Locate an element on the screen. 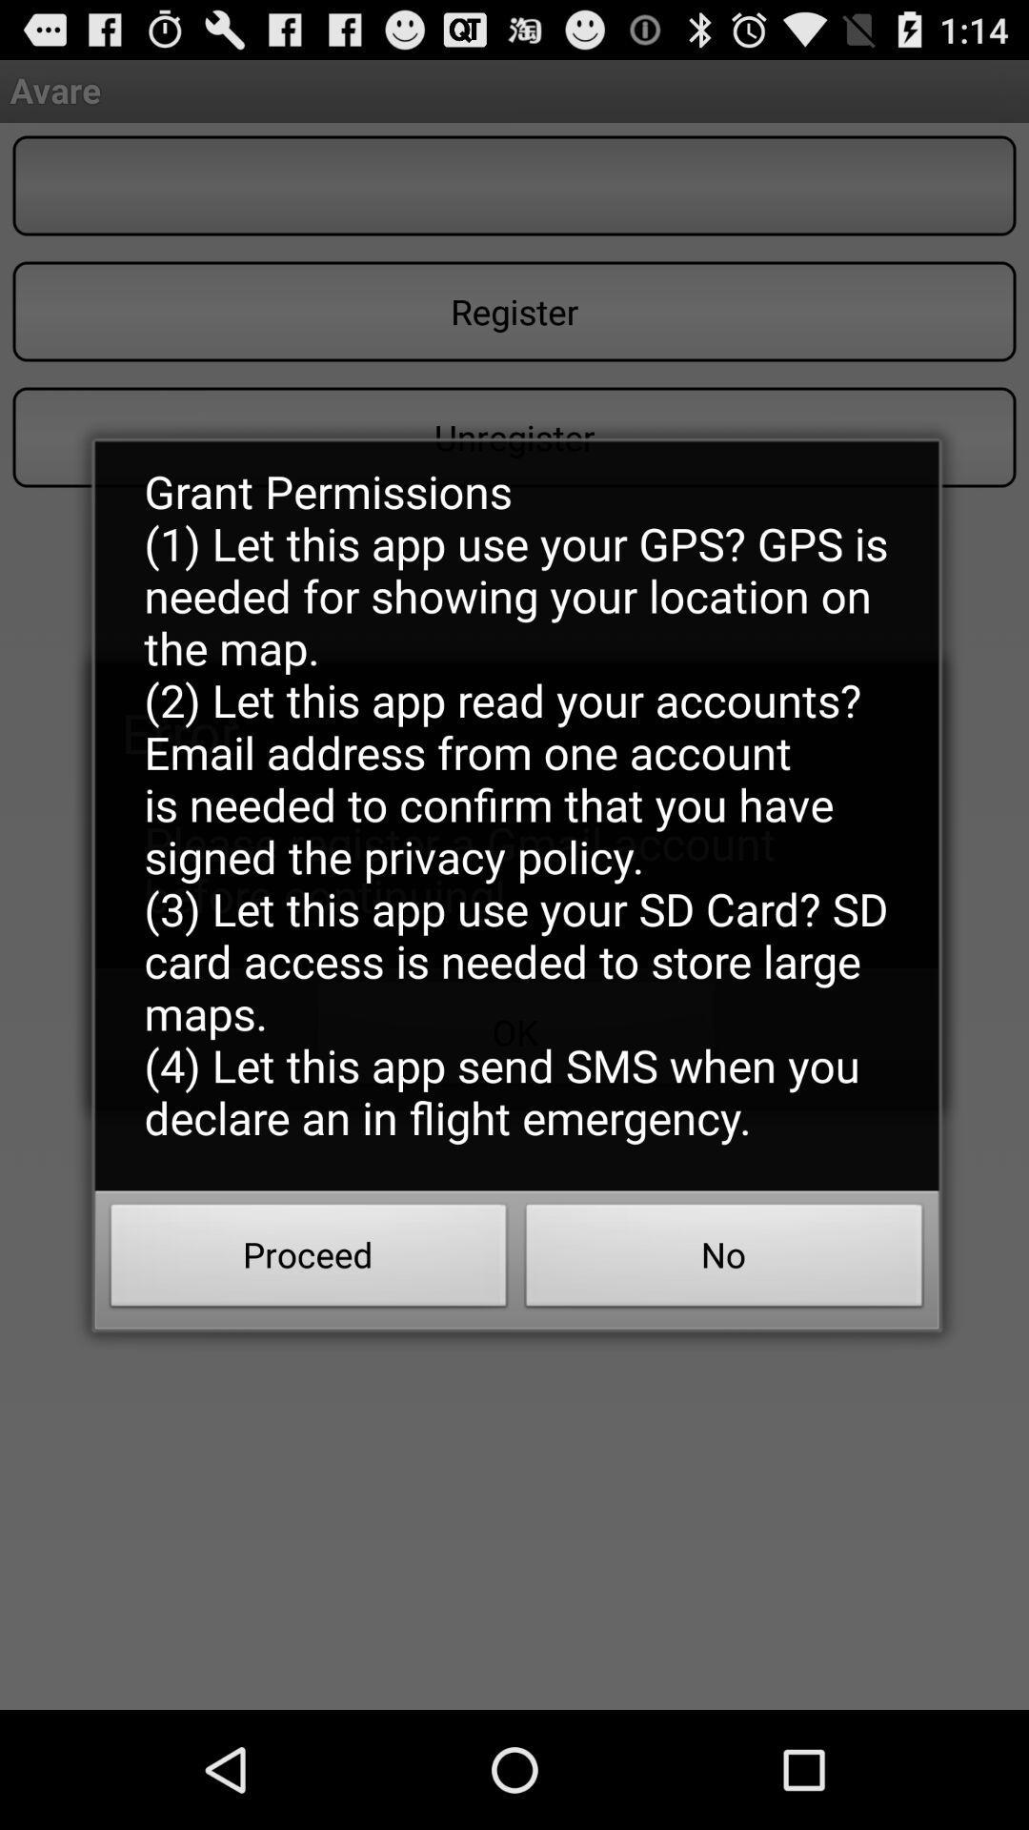 This screenshot has width=1029, height=1830. icon next to the proceed item is located at coordinates (724, 1261).